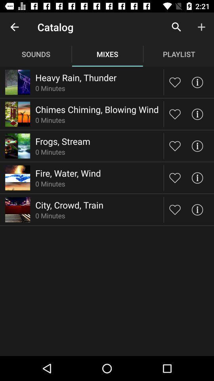 The image size is (214, 381). I want to click on love the rain, so click(175, 82).